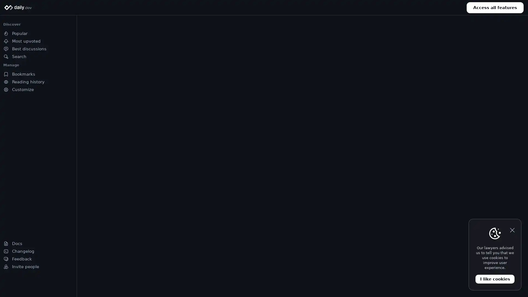 Image resolution: width=528 pixels, height=297 pixels. What do you see at coordinates (482, 178) in the screenshot?
I see `Options` at bounding box center [482, 178].